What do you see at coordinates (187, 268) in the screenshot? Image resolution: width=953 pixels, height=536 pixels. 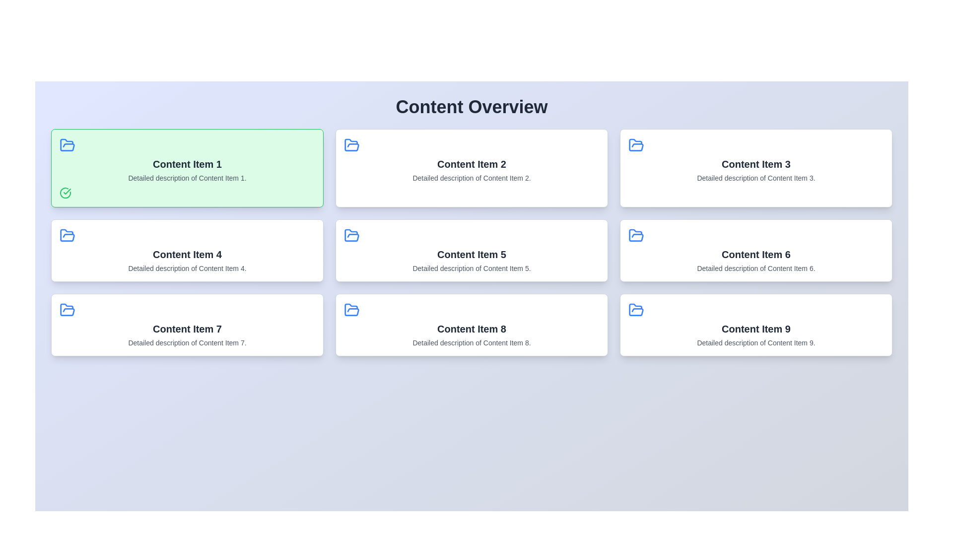 I see `descriptive text block that contains the text 'Detailed description of Content Item 4.' located below the title 'Content Item 4' in the fourth card of the grid layout` at bounding box center [187, 268].